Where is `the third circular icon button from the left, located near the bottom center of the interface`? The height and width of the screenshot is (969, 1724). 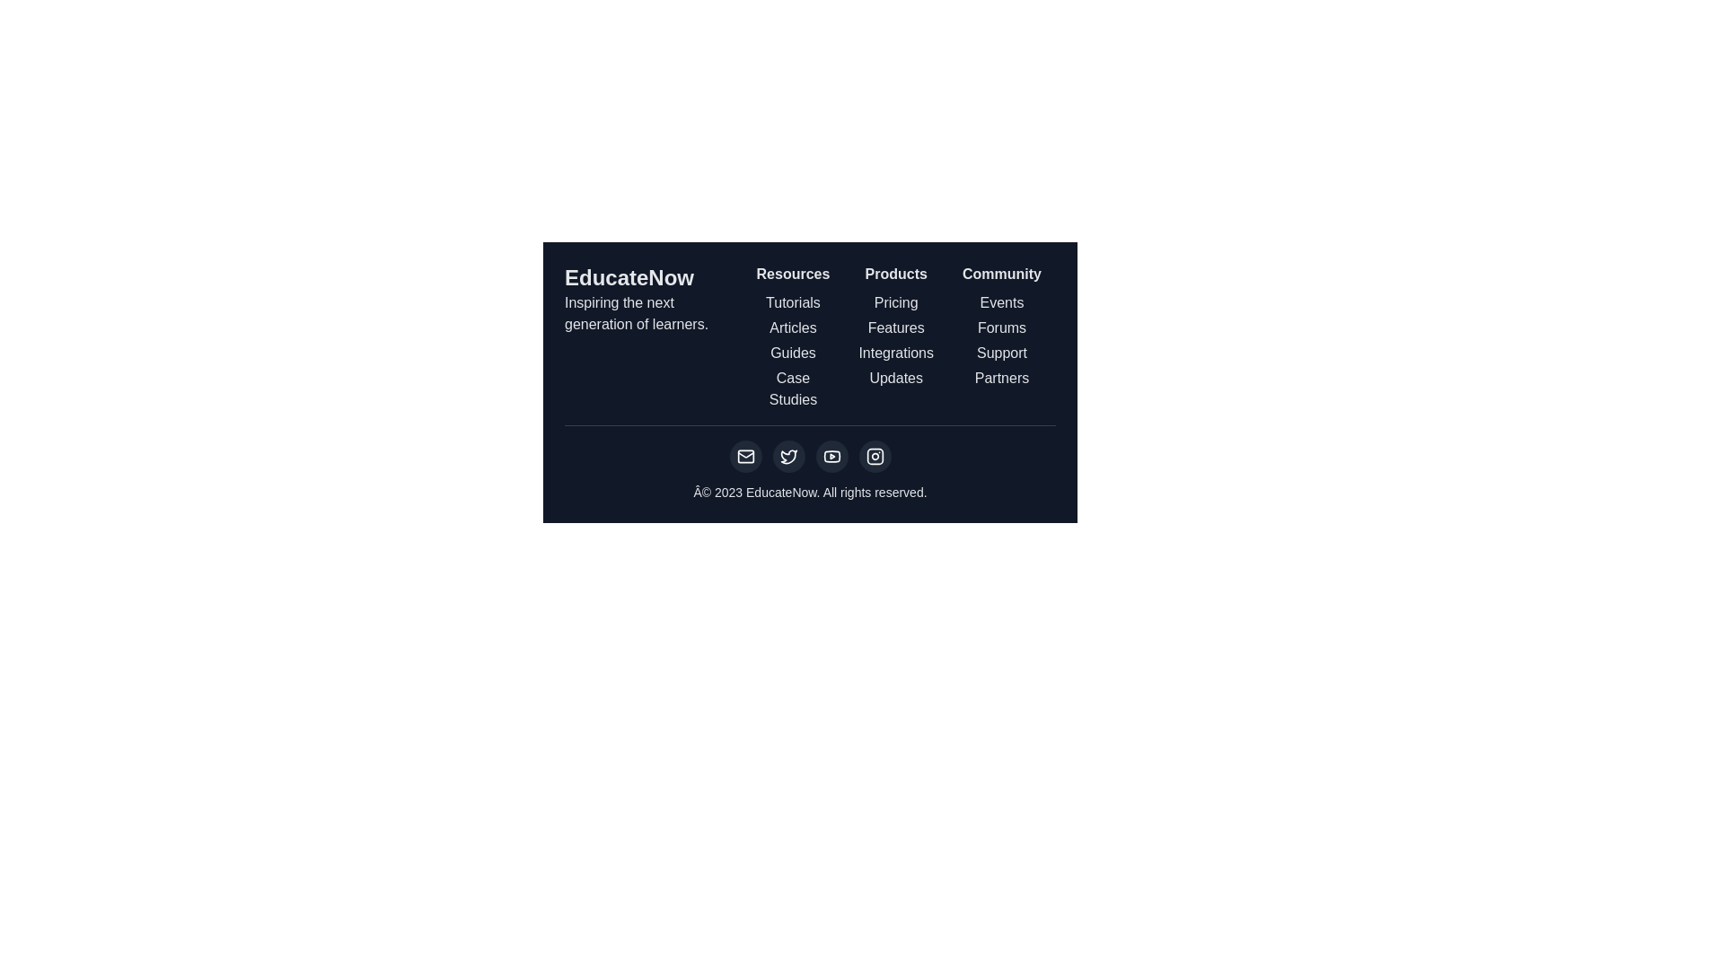
the third circular icon button from the left, located near the bottom center of the interface is located at coordinates (831, 456).